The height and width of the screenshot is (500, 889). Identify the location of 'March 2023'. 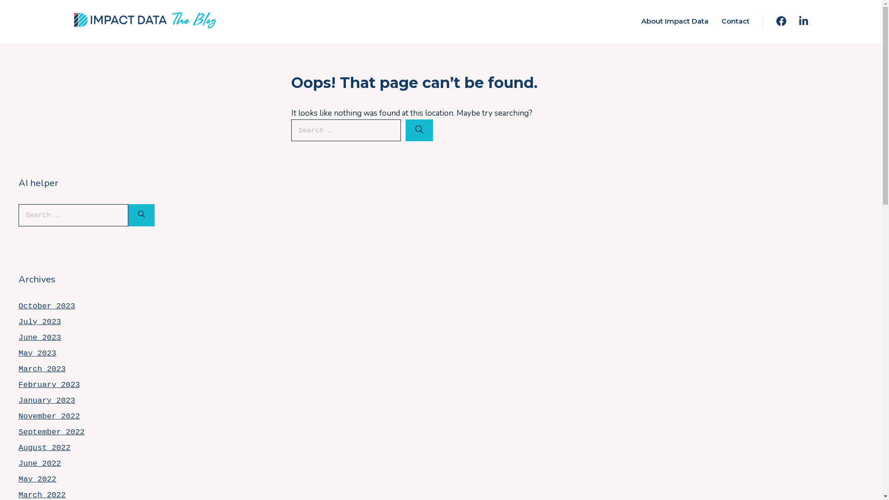
(42, 369).